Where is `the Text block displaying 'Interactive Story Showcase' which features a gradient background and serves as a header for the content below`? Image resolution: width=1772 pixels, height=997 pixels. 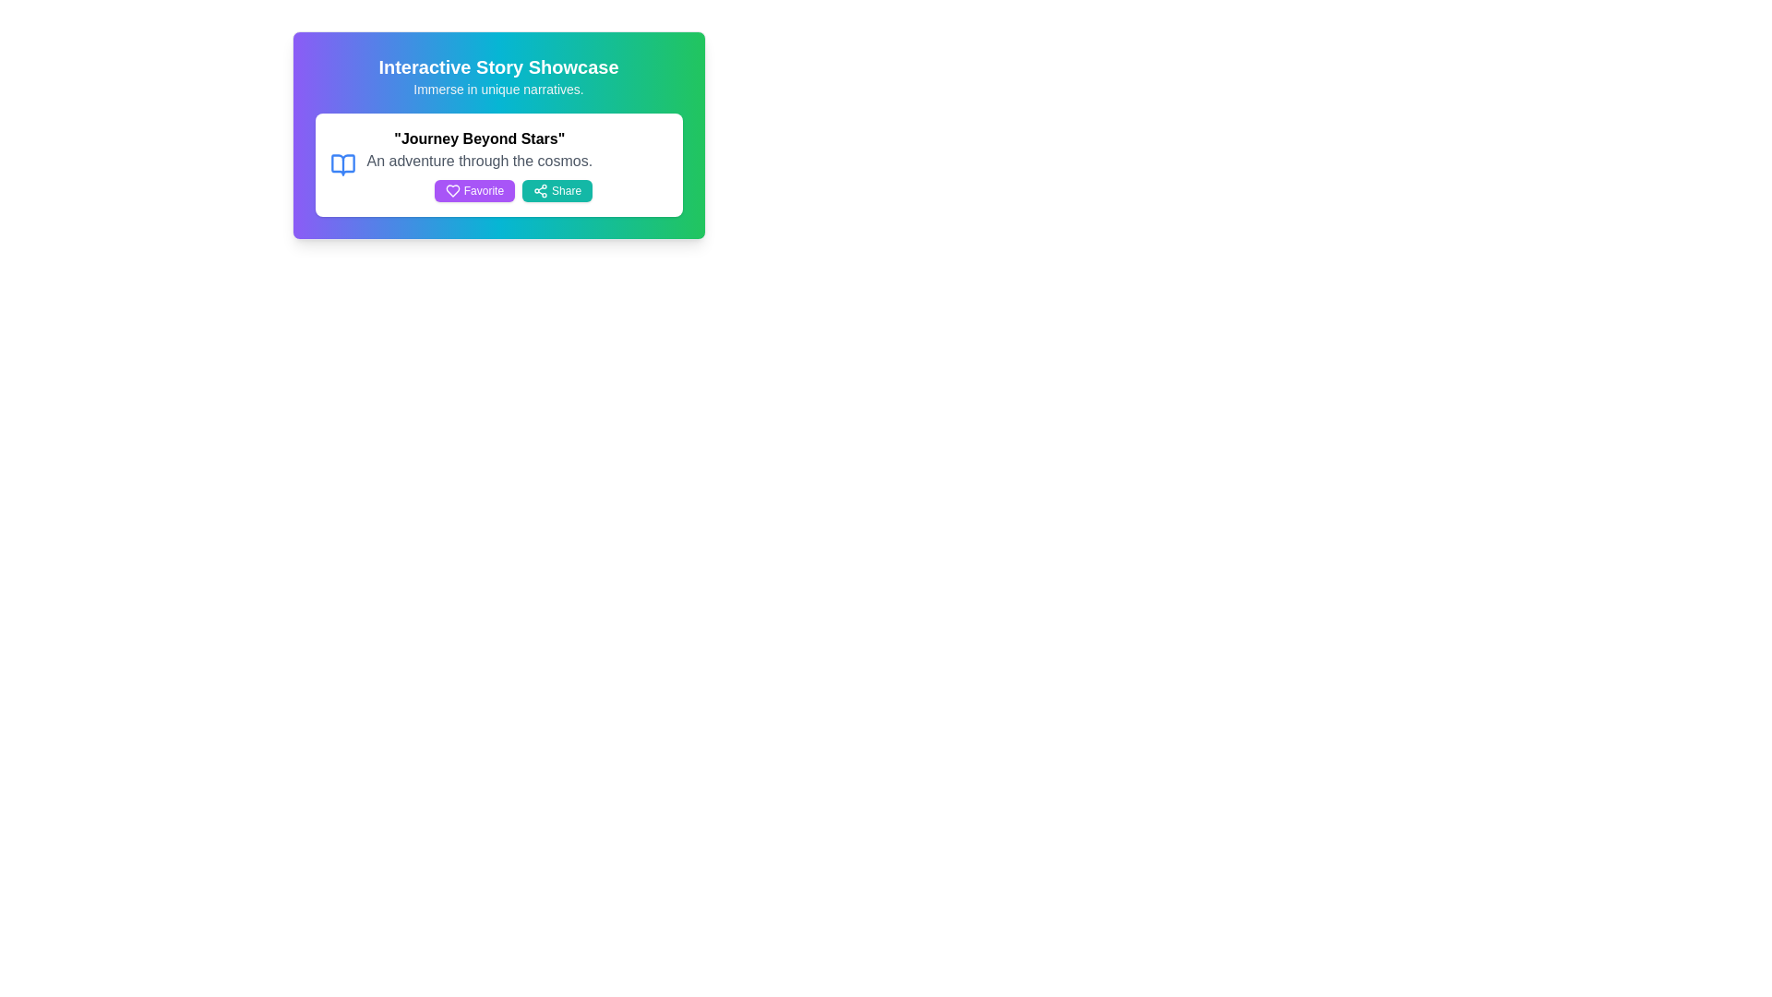 the Text block displaying 'Interactive Story Showcase' which features a gradient background and serves as a header for the content below is located at coordinates (498, 76).